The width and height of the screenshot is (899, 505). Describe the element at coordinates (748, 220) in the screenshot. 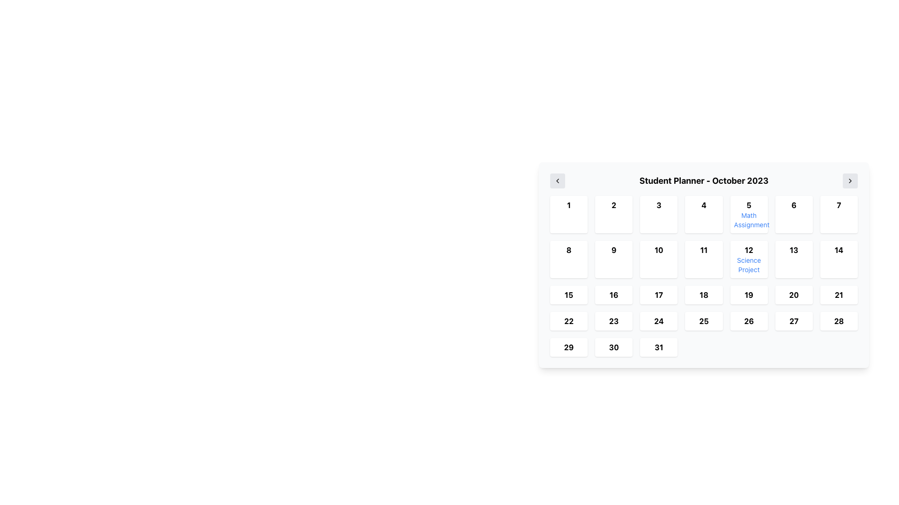

I see `text label displaying 'Math Assignment' which is styled in blue and positioned below the day number '5' in the calendar grid of the 'Student Planner - October 2023'` at that location.